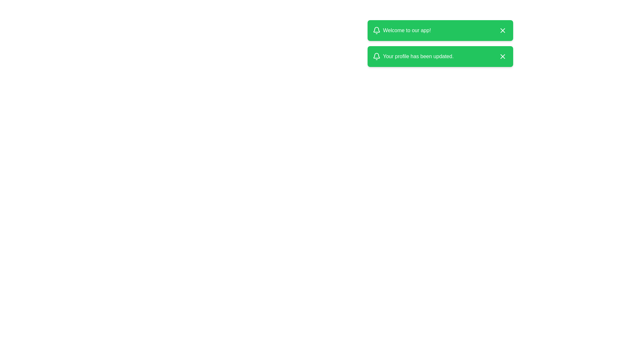 The height and width of the screenshot is (351, 624). I want to click on the small 'X' icon on the green background, so click(502, 56).